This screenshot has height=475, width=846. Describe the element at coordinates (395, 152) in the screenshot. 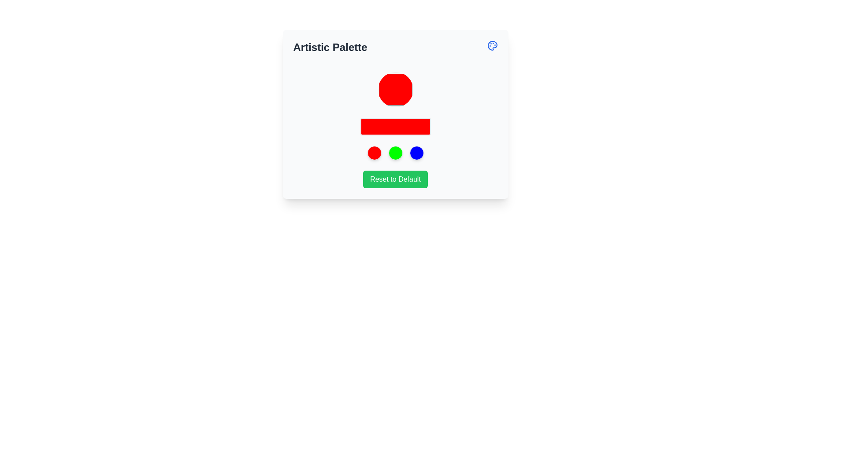

I see `the circle from the group of three circular buttons within the 'Artistic Palette' card` at that location.